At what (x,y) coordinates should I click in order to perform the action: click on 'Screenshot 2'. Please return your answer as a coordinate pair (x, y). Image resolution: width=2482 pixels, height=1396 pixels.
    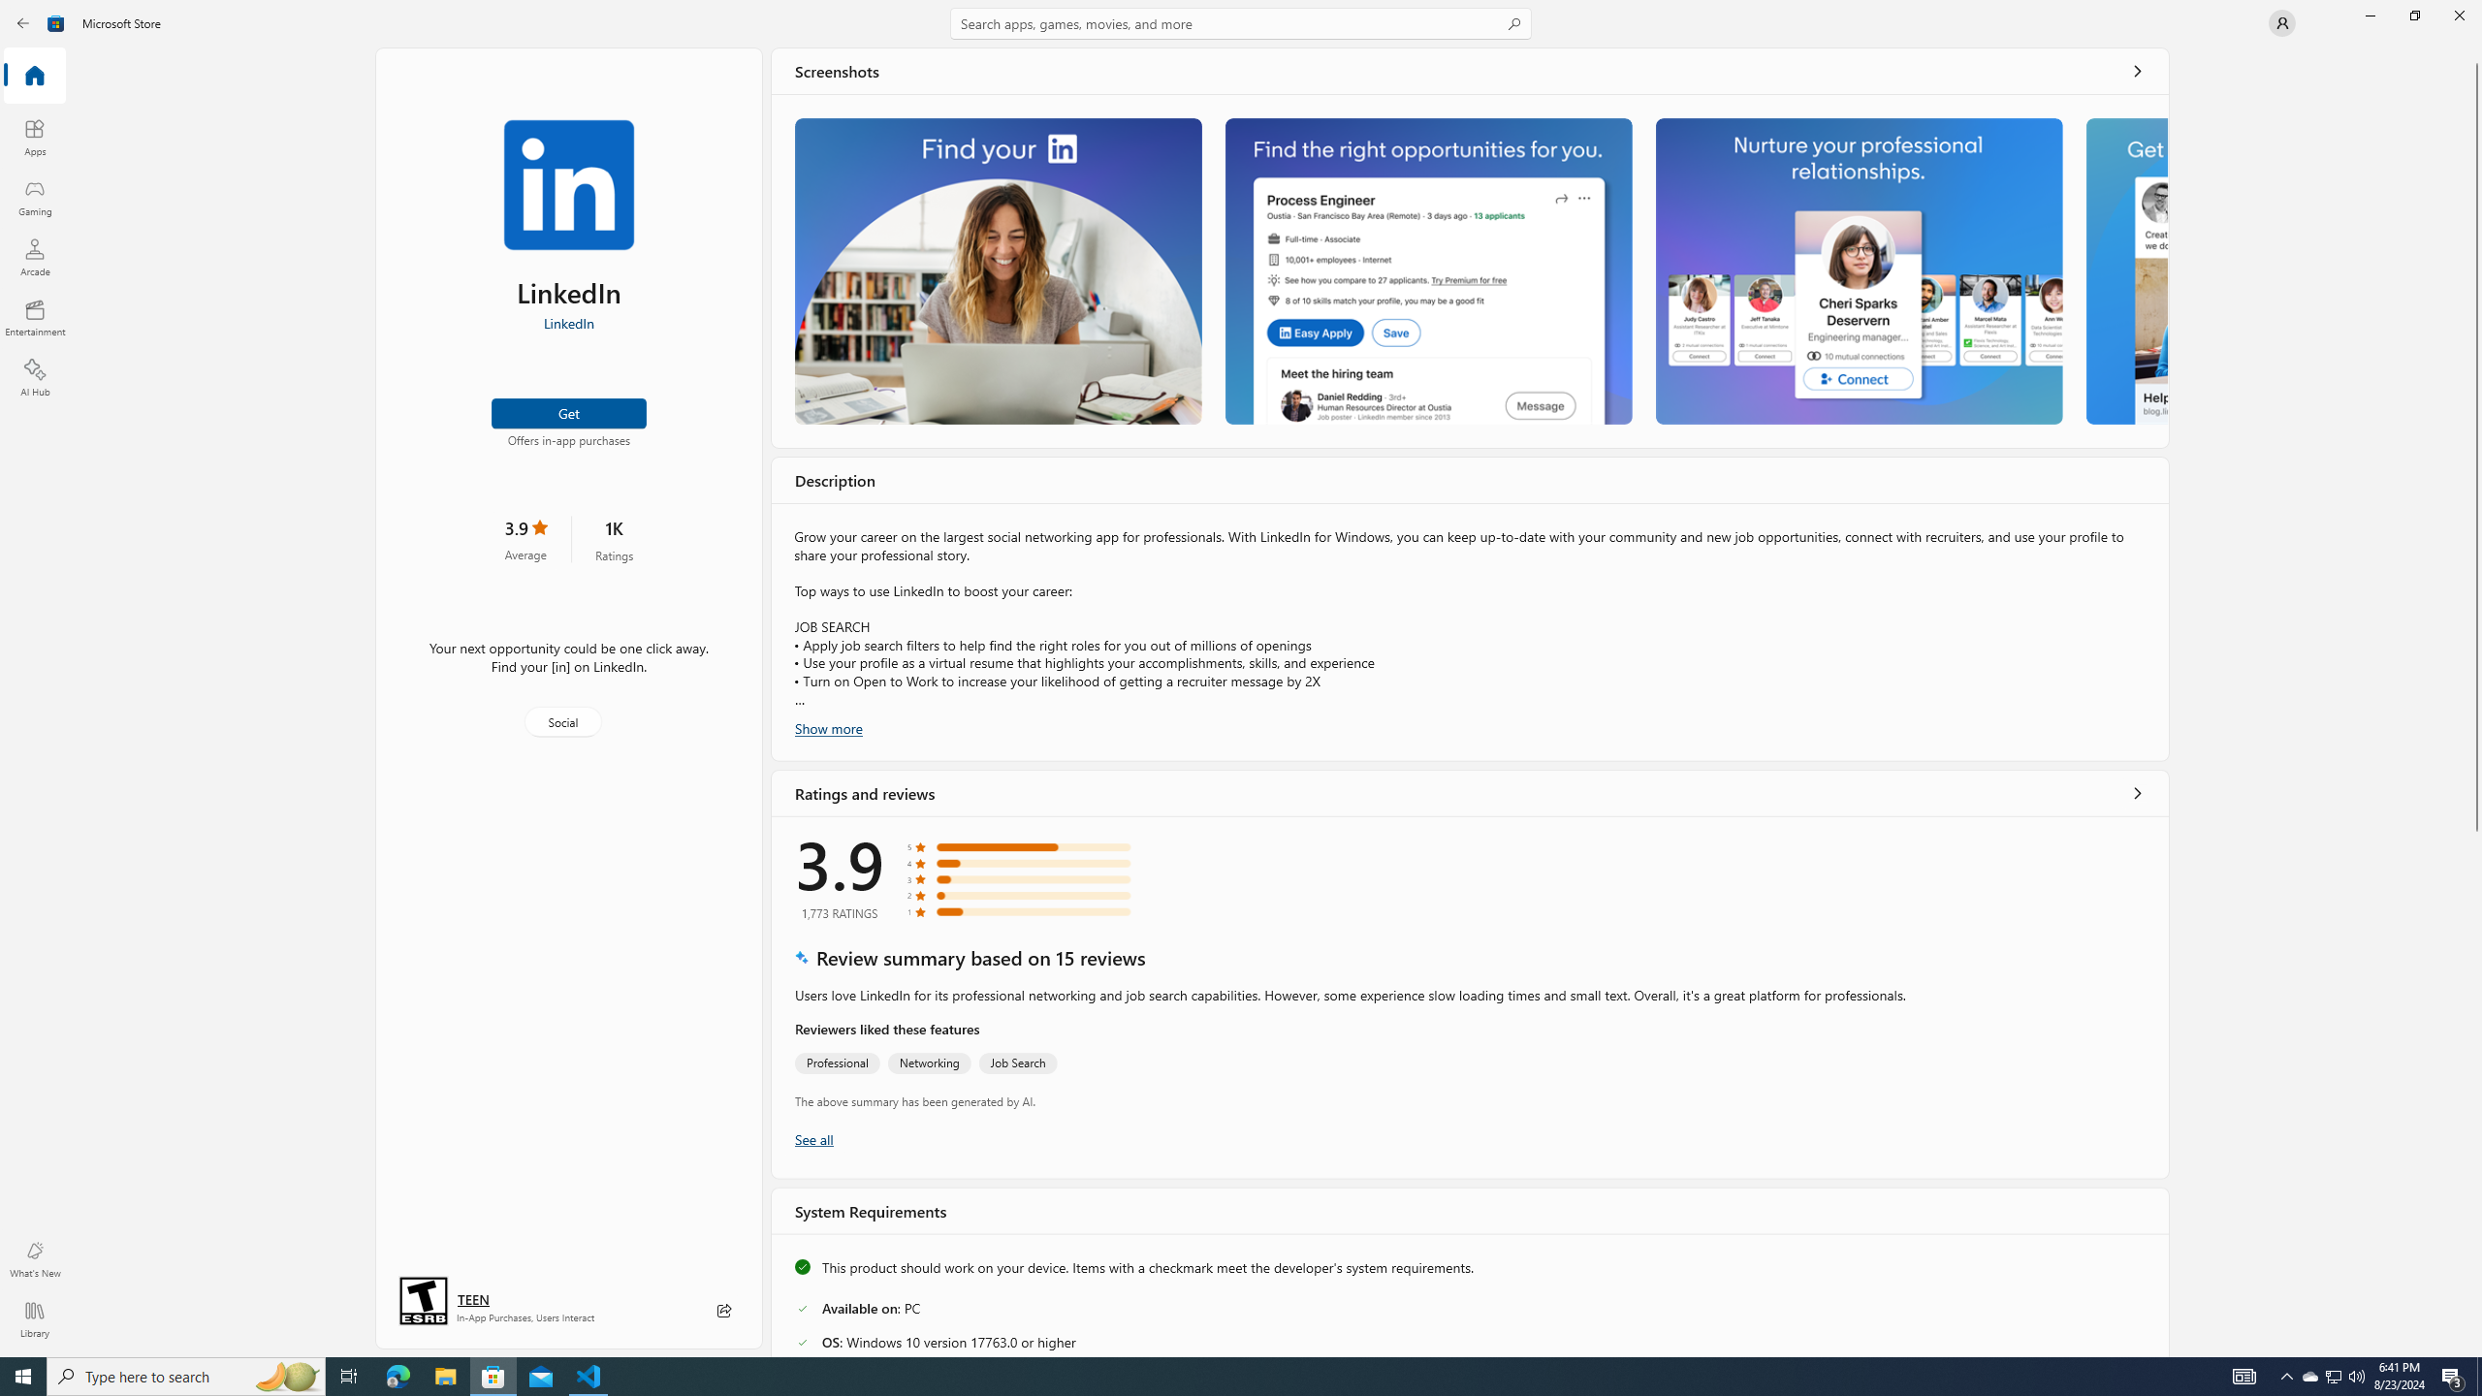
    Looking at the image, I should click on (1426, 270).